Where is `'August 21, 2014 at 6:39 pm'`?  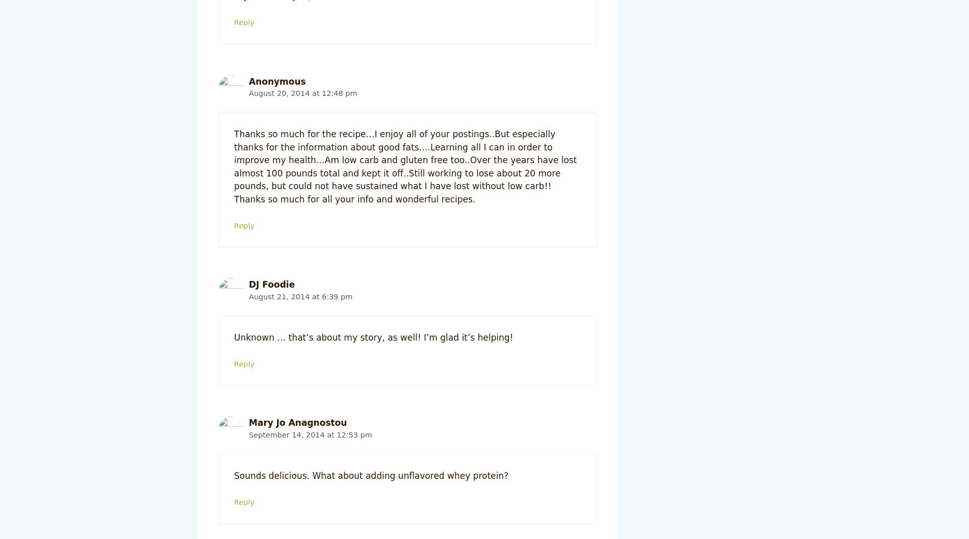
'August 21, 2014 at 6:39 pm' is located at coordinates (300, 296).